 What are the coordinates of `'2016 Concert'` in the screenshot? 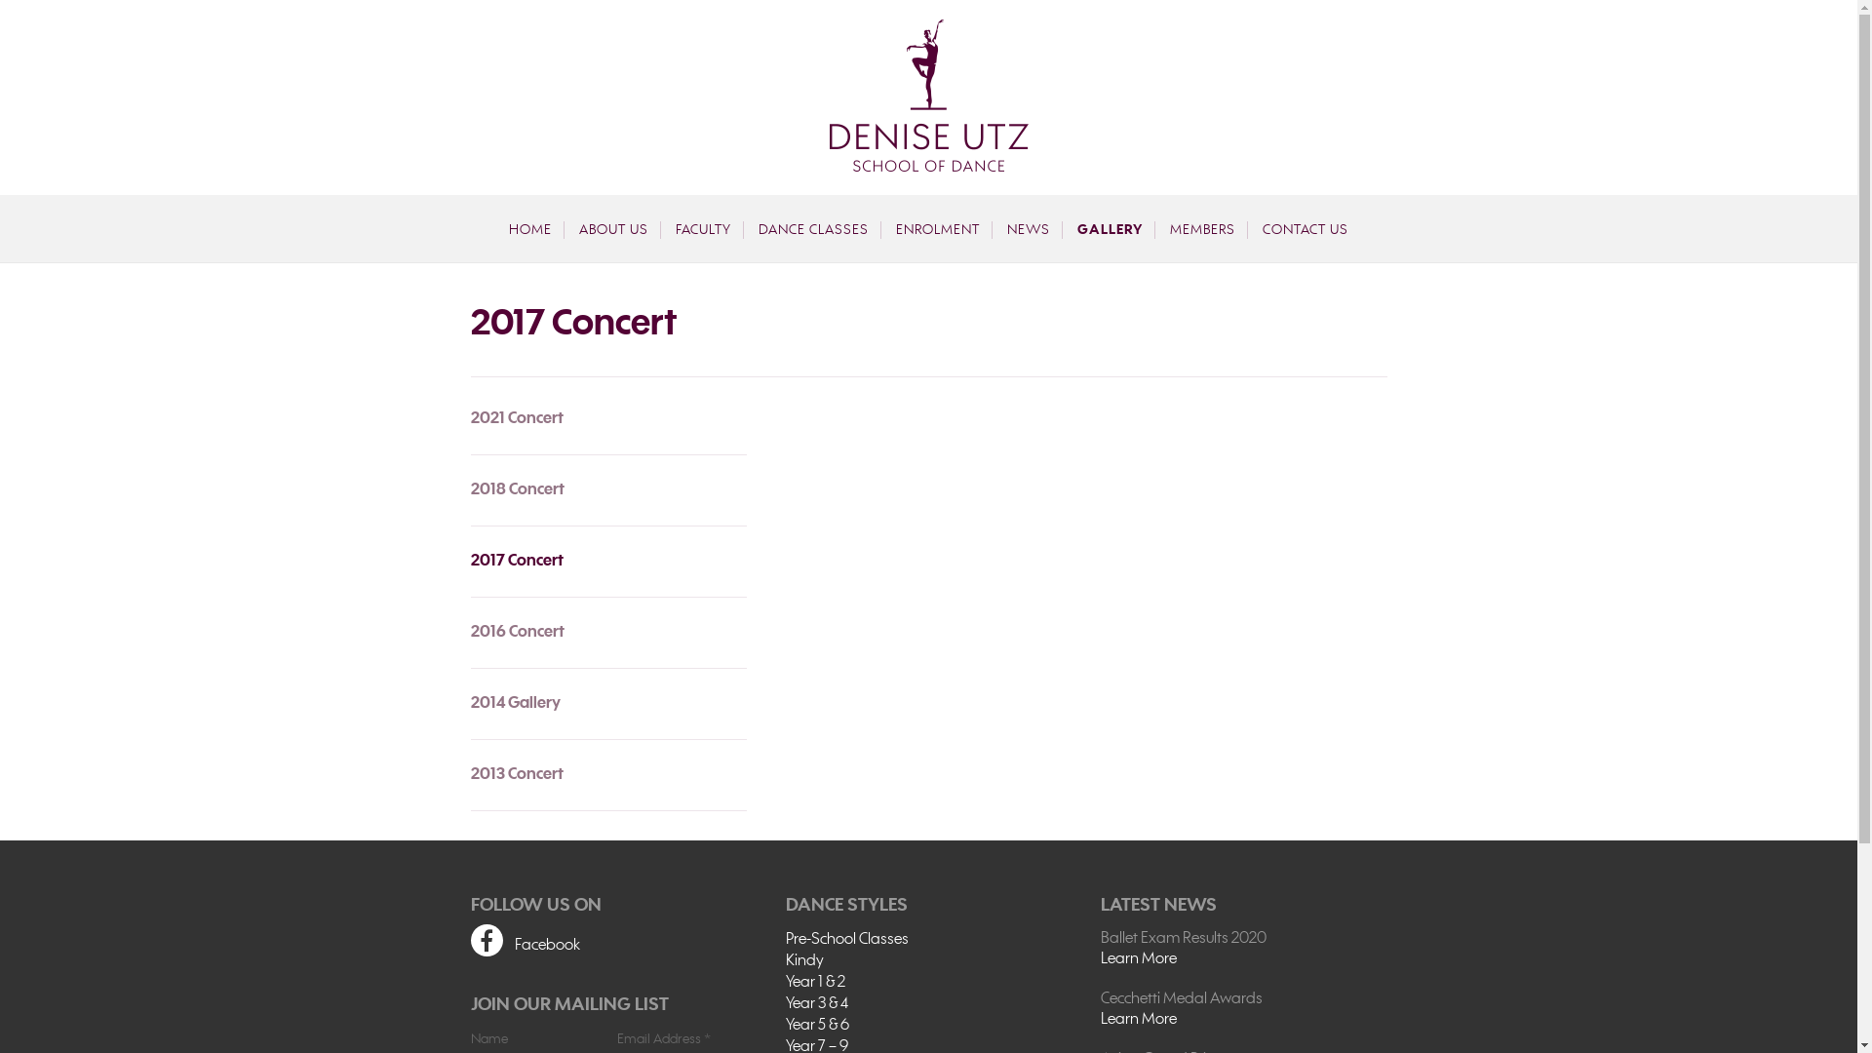 It's located at (606, 632).